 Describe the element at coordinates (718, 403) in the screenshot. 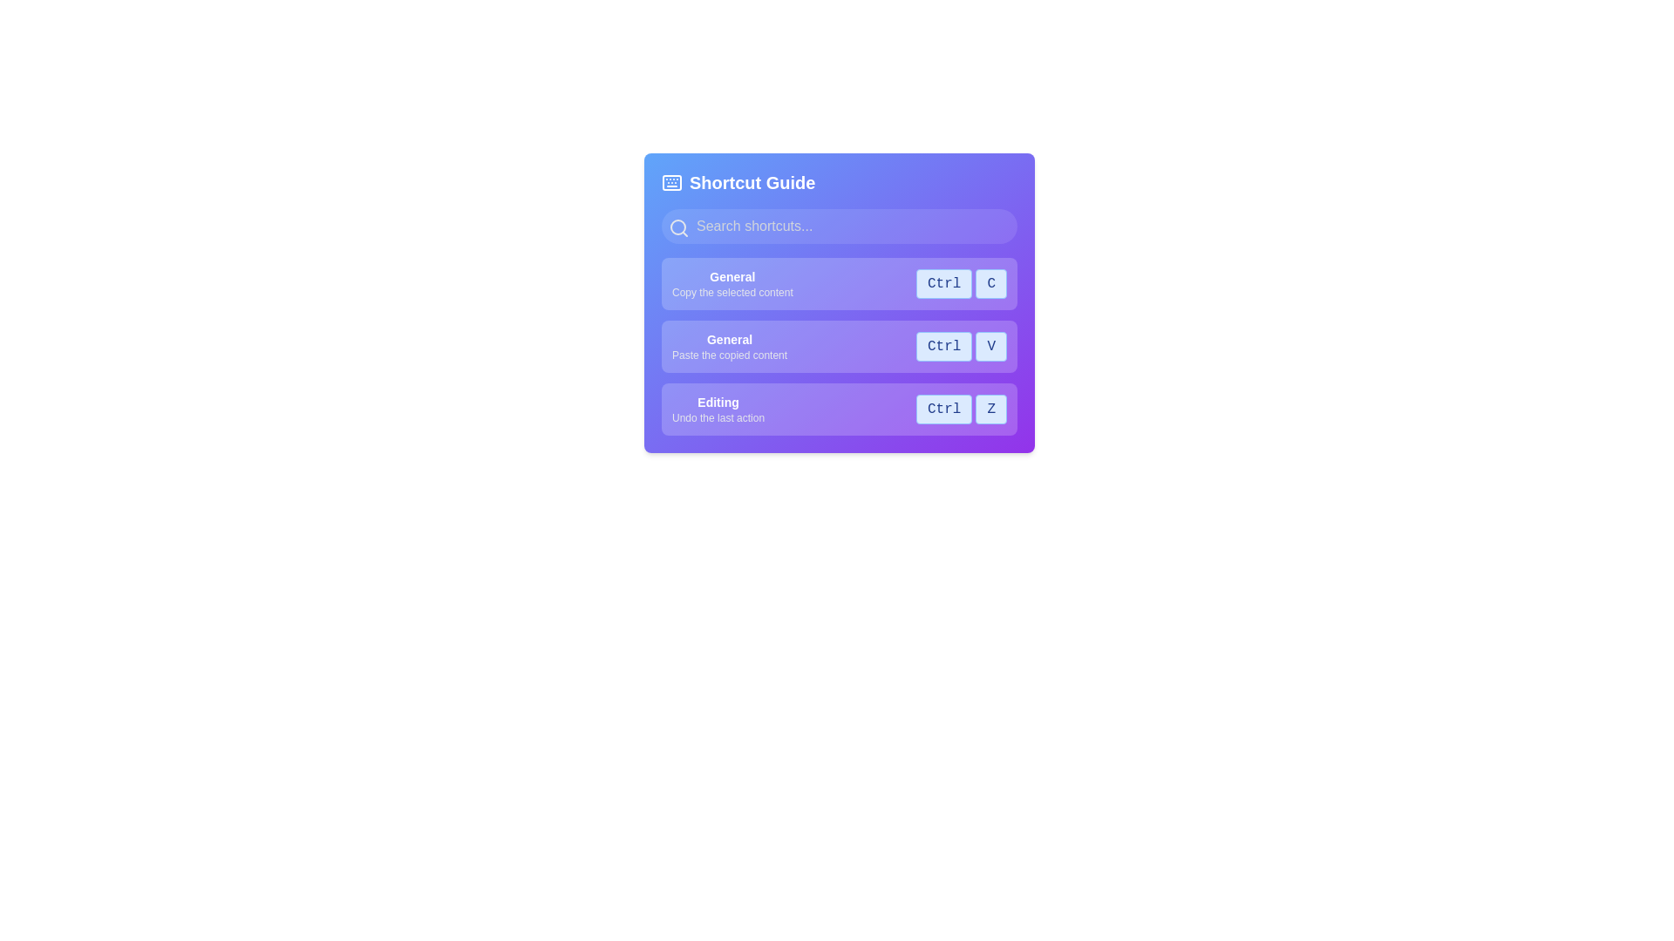

I see `text label that describes the functionality of 'Undo the last action' in the shortcut guide` at that location.